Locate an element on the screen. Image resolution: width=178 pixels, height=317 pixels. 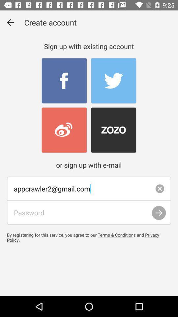
the by registering for is located at coordinates (89, 237).